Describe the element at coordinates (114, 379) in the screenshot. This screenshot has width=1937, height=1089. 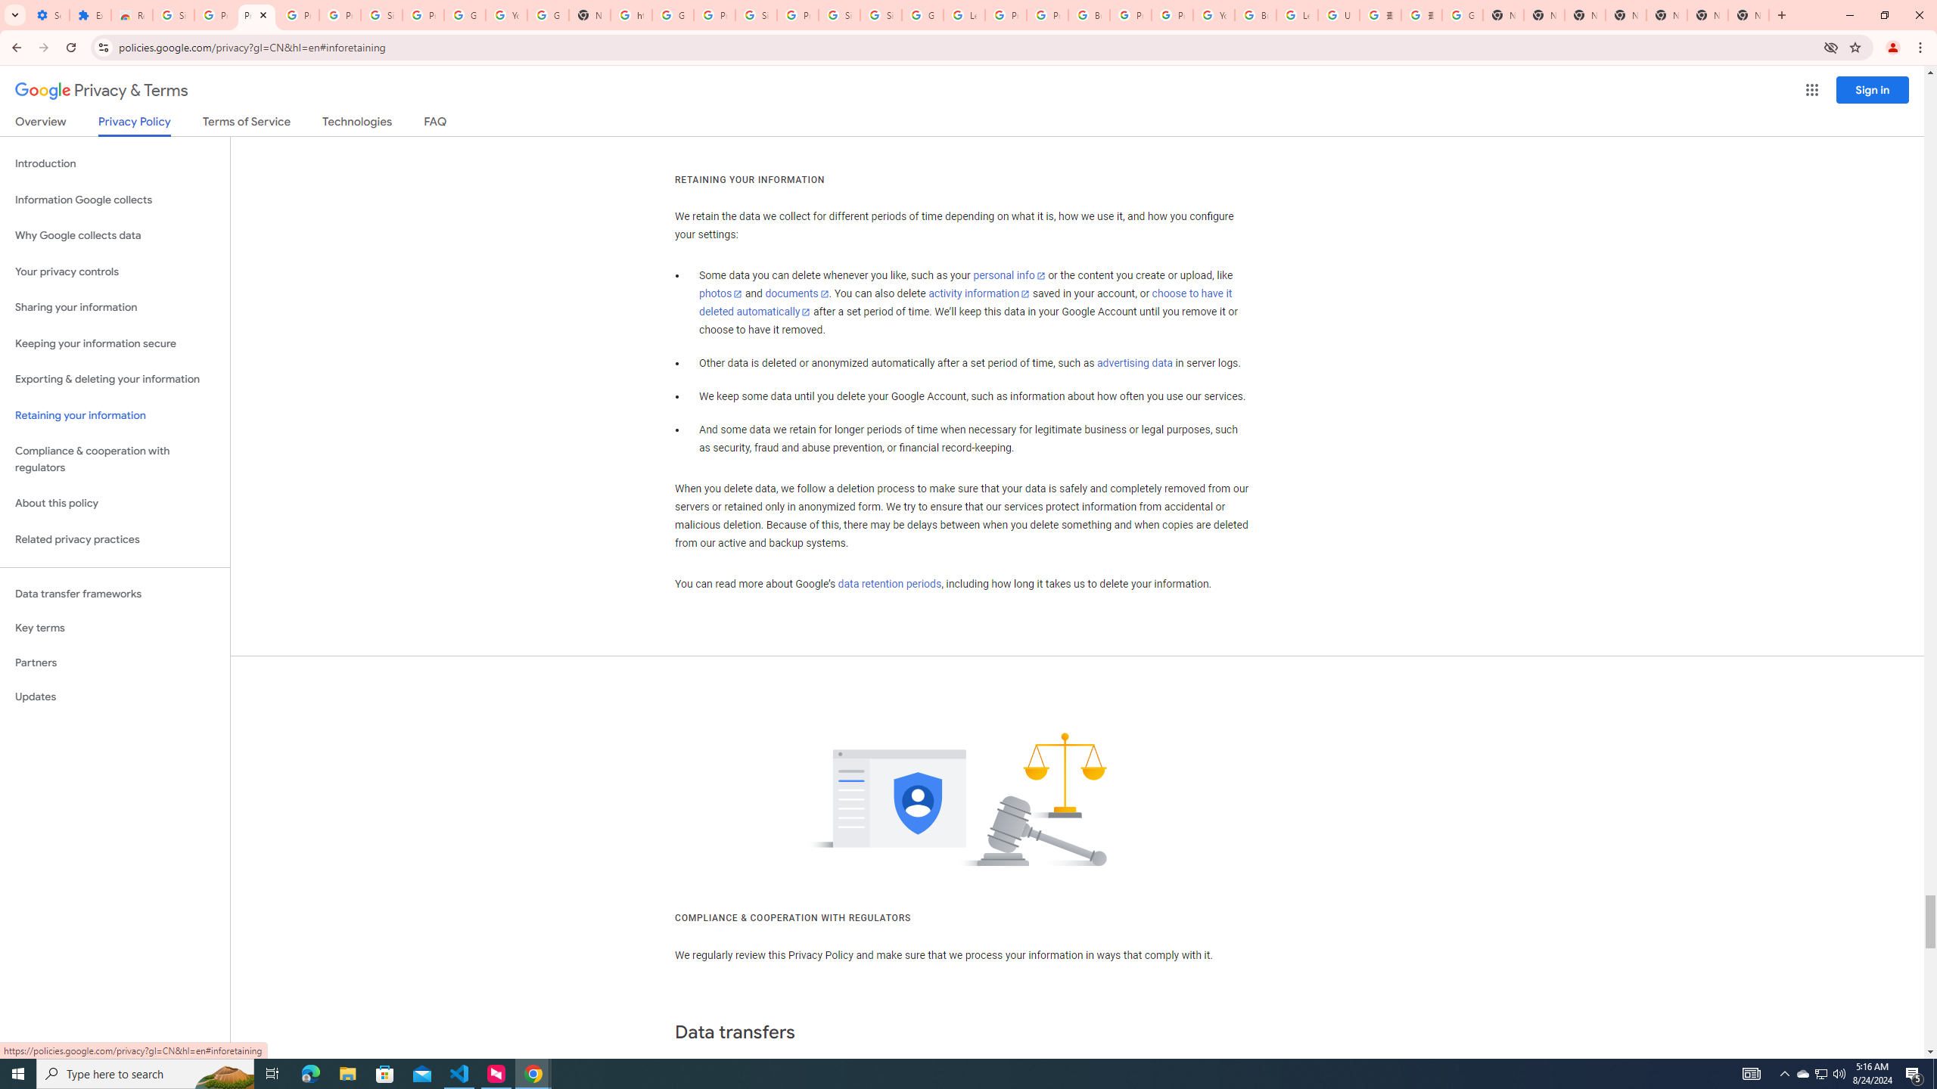
I see `'Exporting & deleting your information'` at that location.